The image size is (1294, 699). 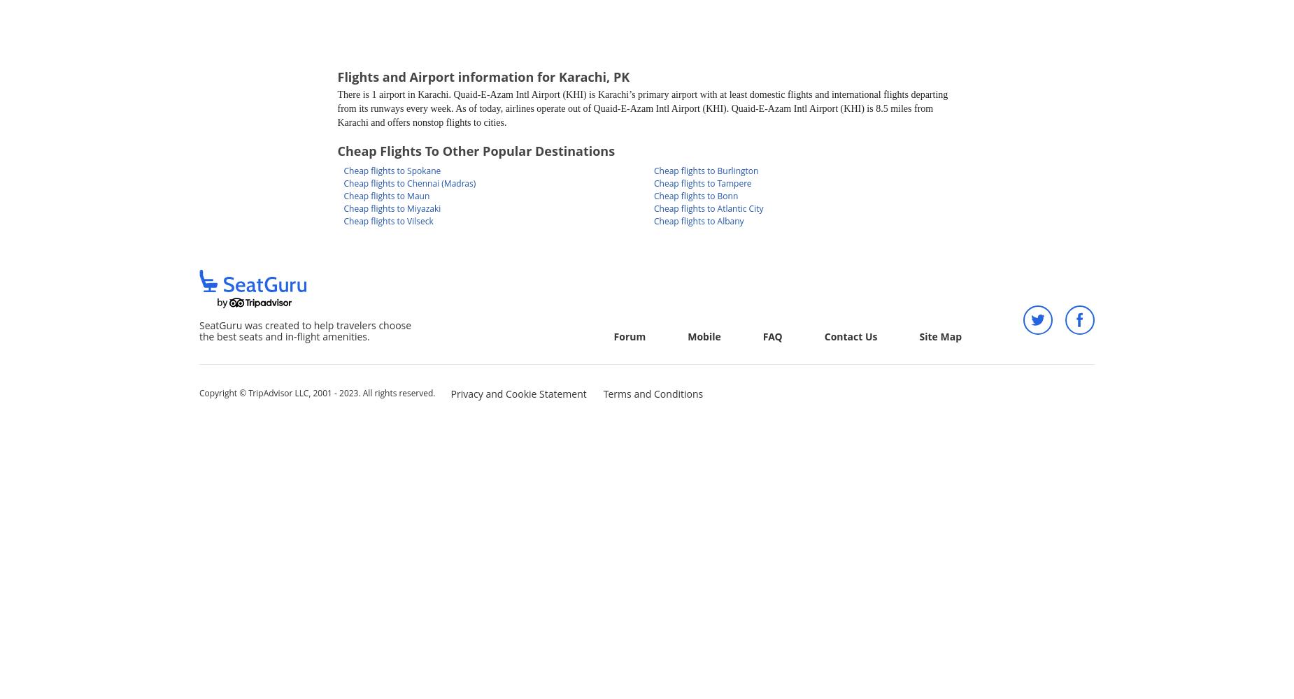 What do you see at coordinates (602, 393) in the screenshot?
I see `'Terms and Conditions'` at bounding box center [602, 393].